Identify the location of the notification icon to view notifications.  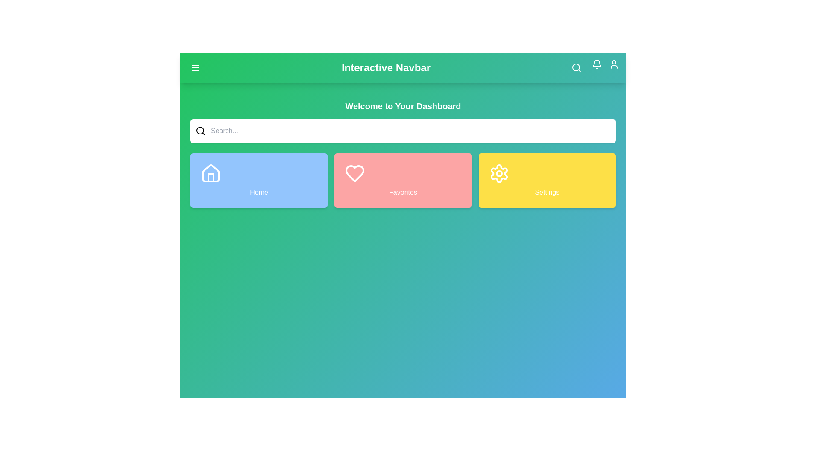
(596, 64).